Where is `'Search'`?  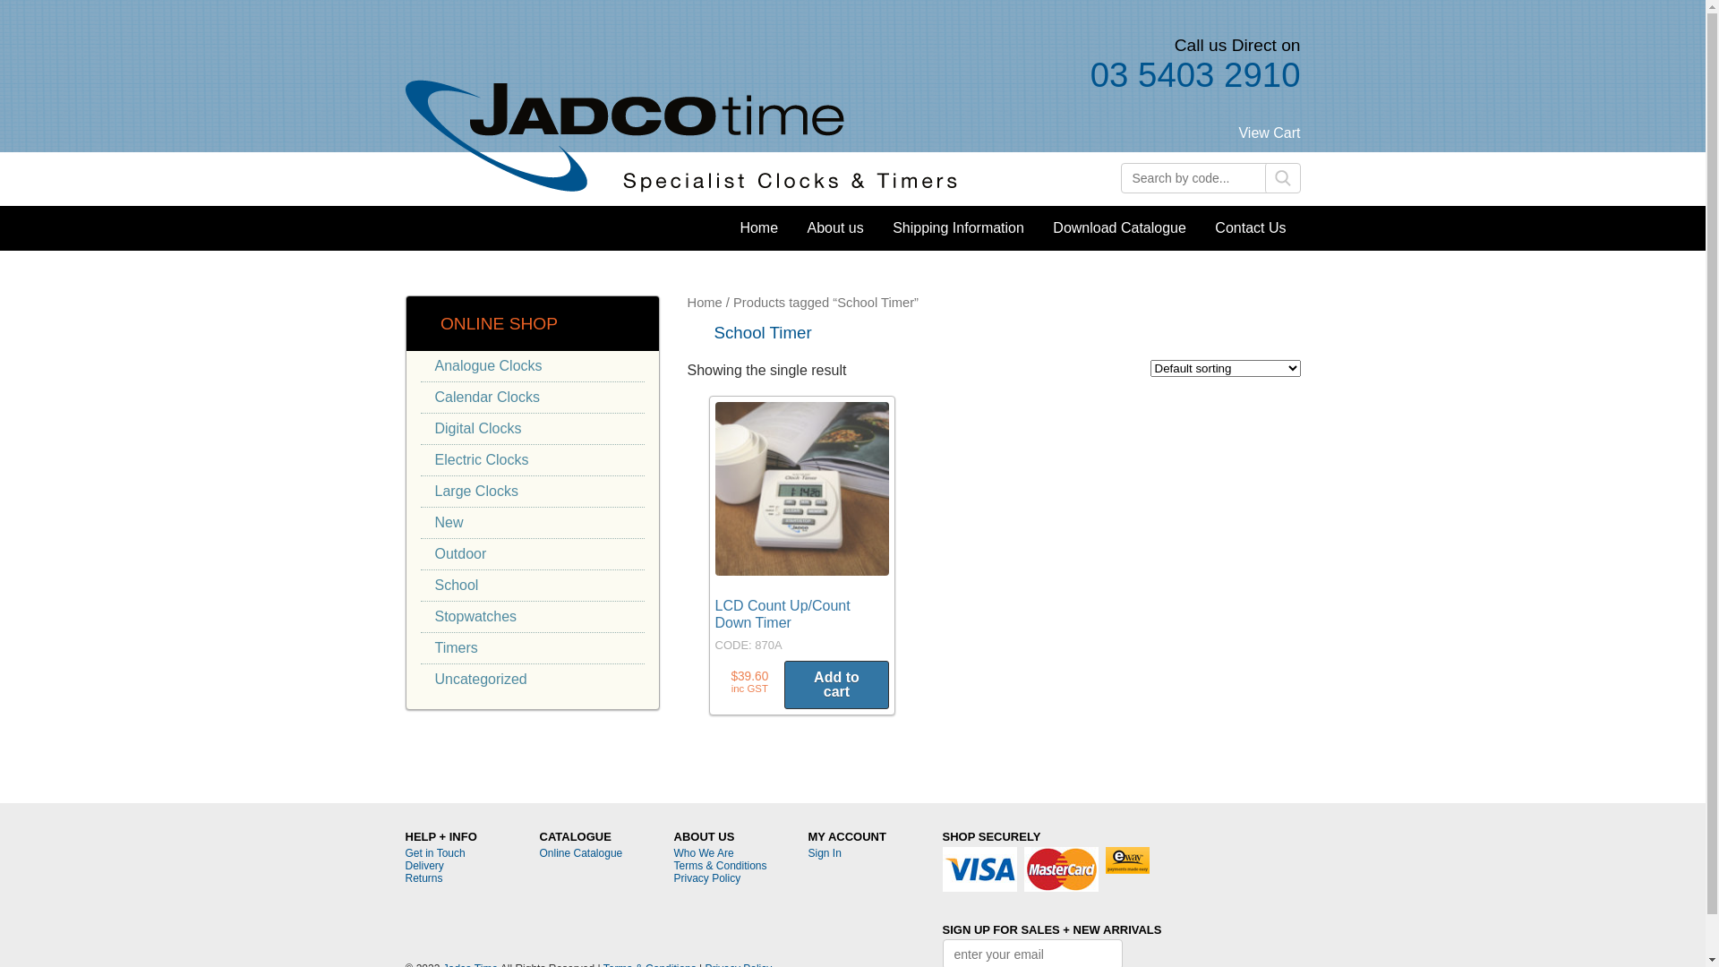
'Search' is located at coordinates (1280, 178).